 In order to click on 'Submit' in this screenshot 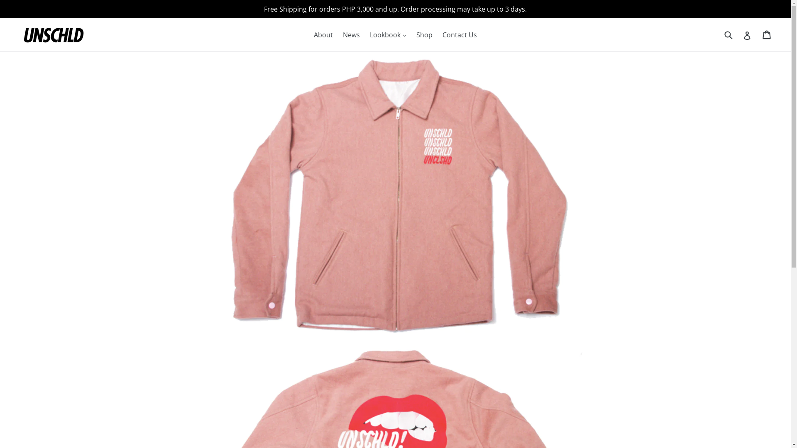, I will do `click(727, 34)`.